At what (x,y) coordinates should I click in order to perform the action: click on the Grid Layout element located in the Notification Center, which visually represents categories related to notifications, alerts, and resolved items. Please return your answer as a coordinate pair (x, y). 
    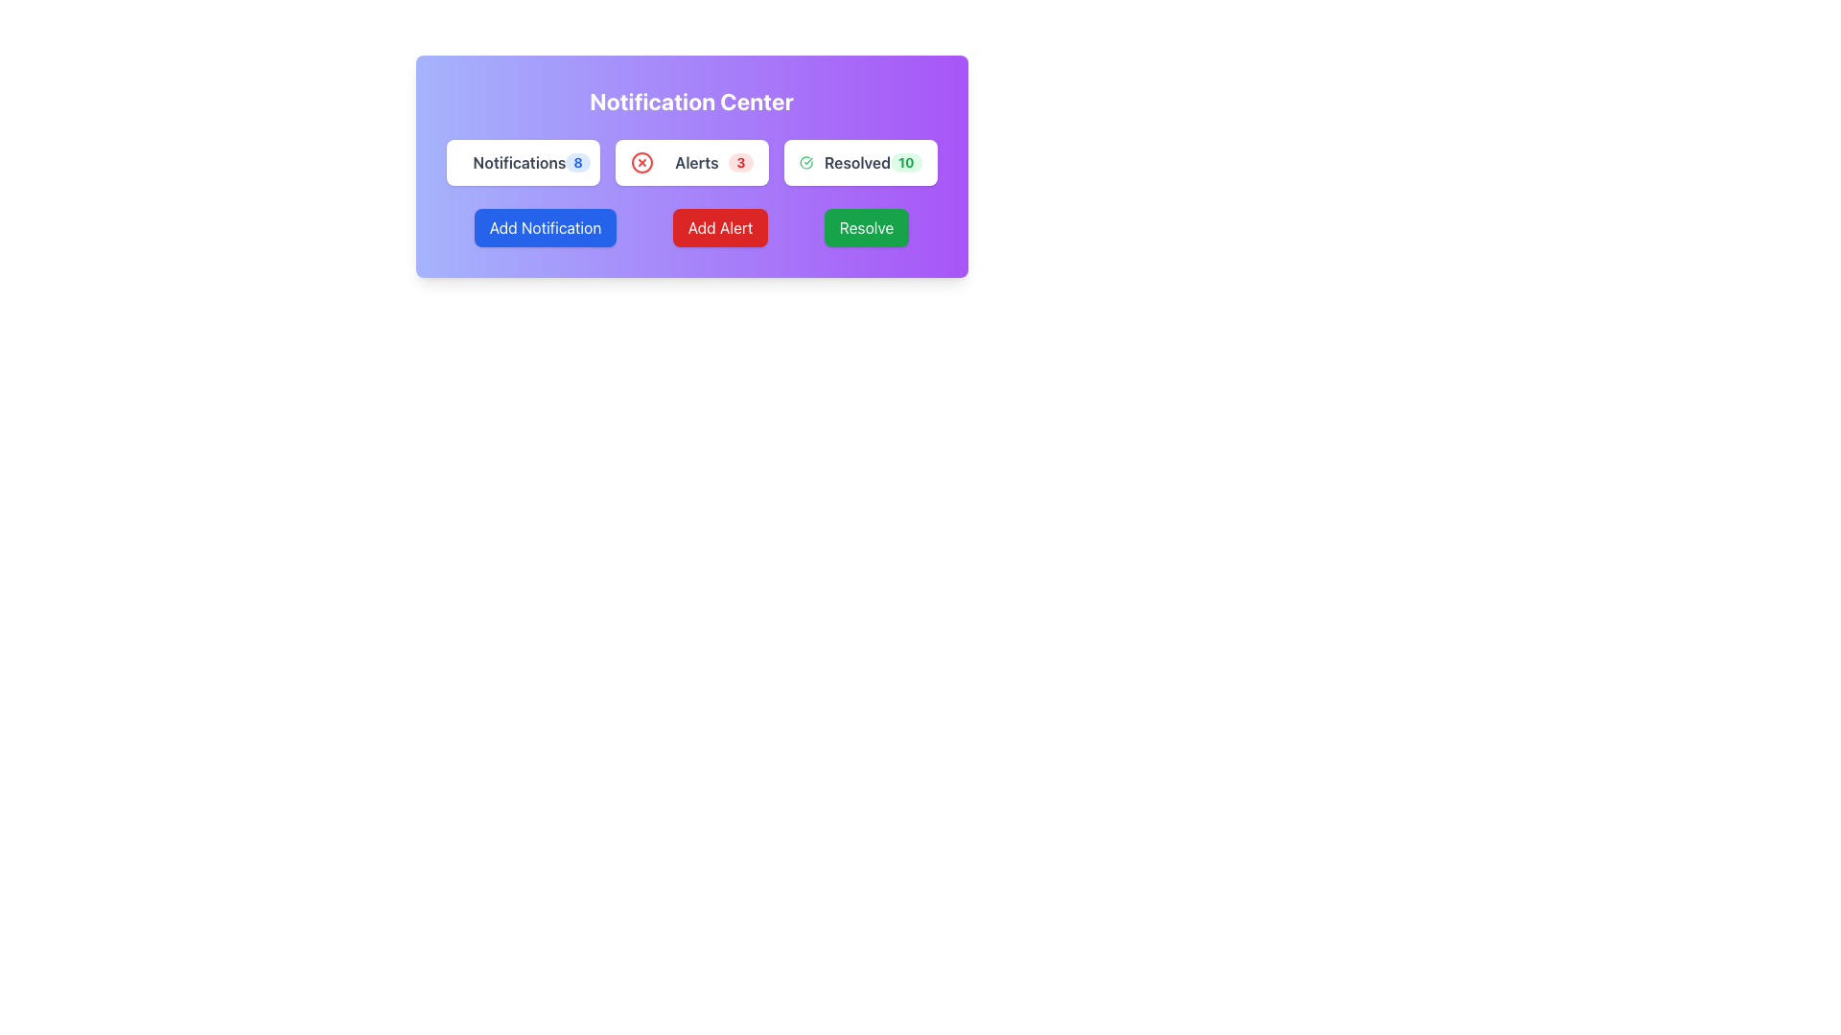
    Looking at the image, I should click on (690, 161).